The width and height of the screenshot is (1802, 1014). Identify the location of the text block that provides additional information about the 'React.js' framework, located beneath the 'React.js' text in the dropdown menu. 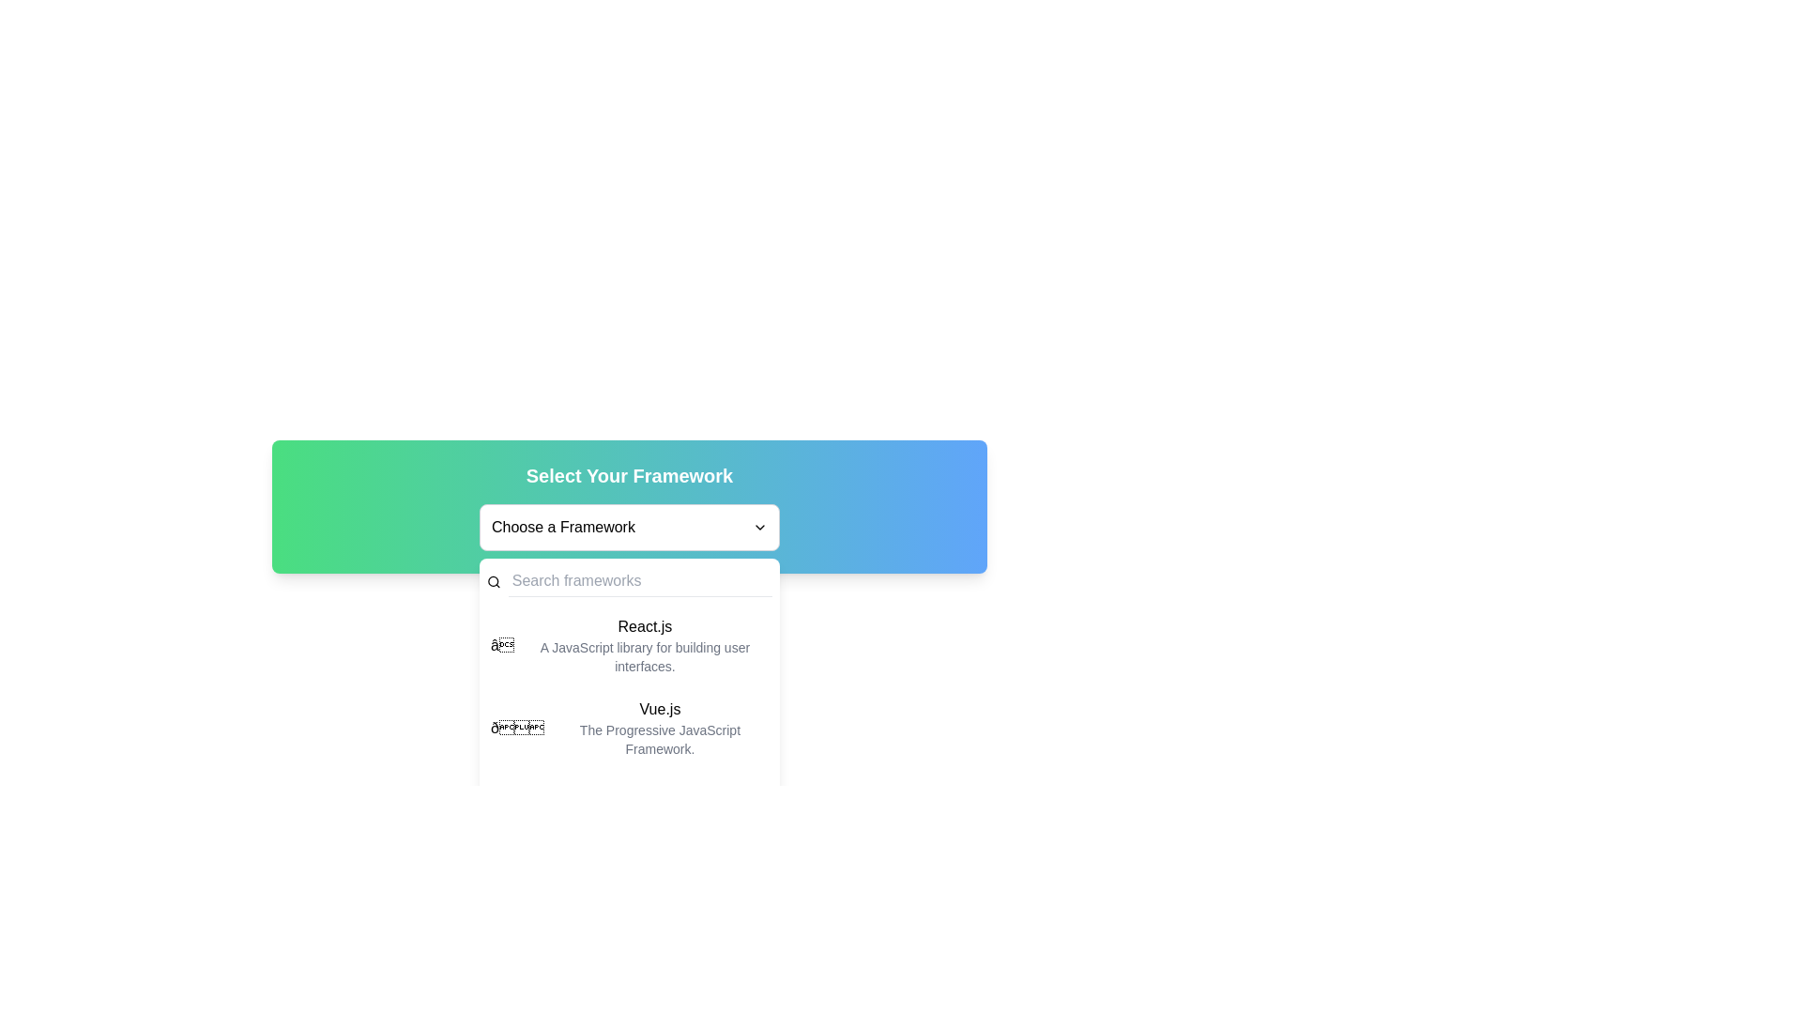
(645, 655).